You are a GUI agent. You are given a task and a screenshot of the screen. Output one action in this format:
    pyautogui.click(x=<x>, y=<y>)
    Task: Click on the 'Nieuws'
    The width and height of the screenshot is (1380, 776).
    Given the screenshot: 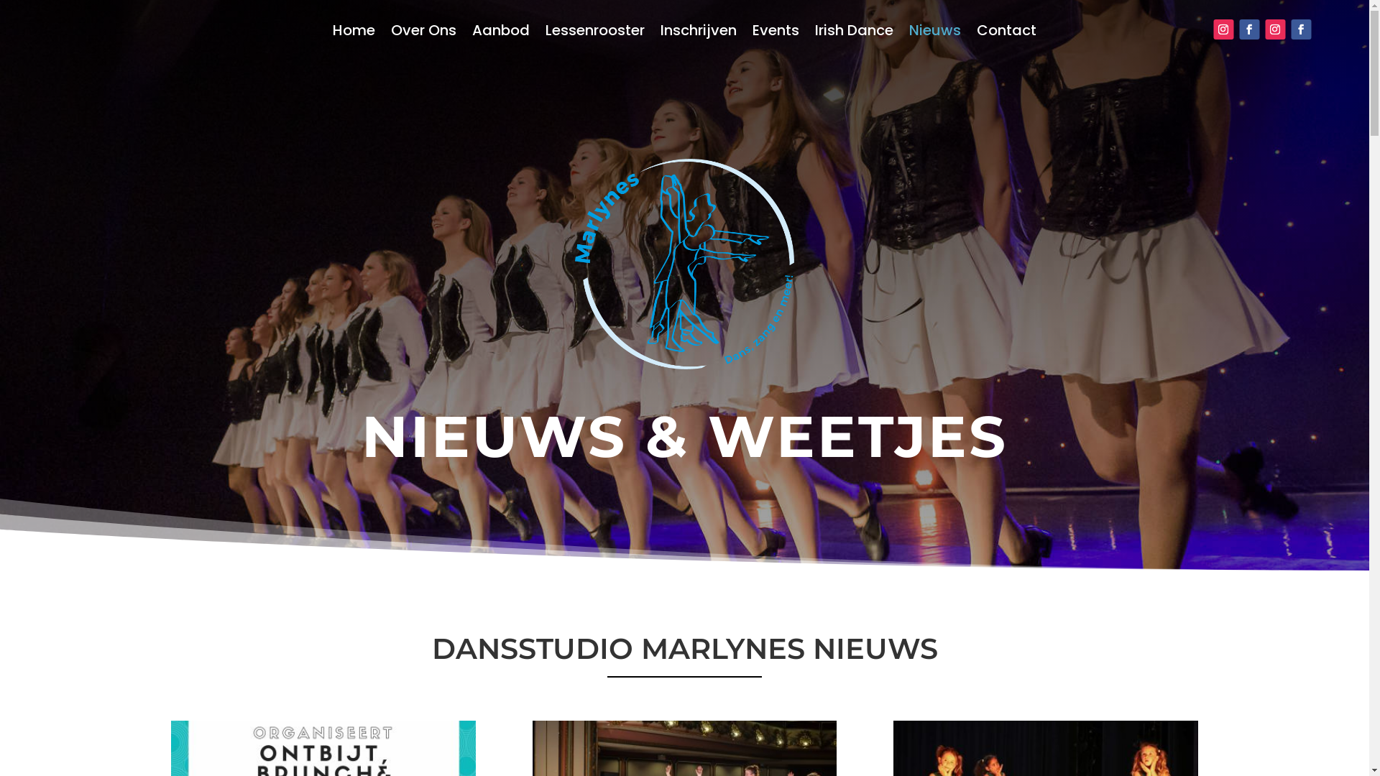 What is the action you would take?
    pyautogui.click(x=934, y=32)
    